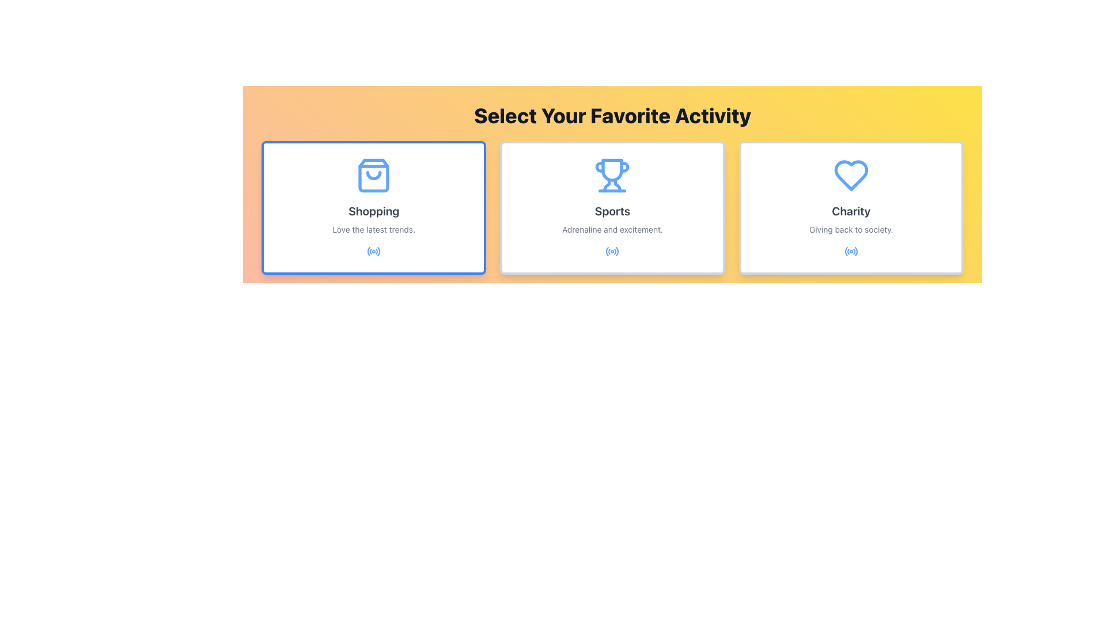 Image resolution: width=1106 pixels, height=622 pixels. I want to click on the decorative Sports category icon located at the top section of the Sports card, which is horizontally centered above the text content, so click(612, 175).